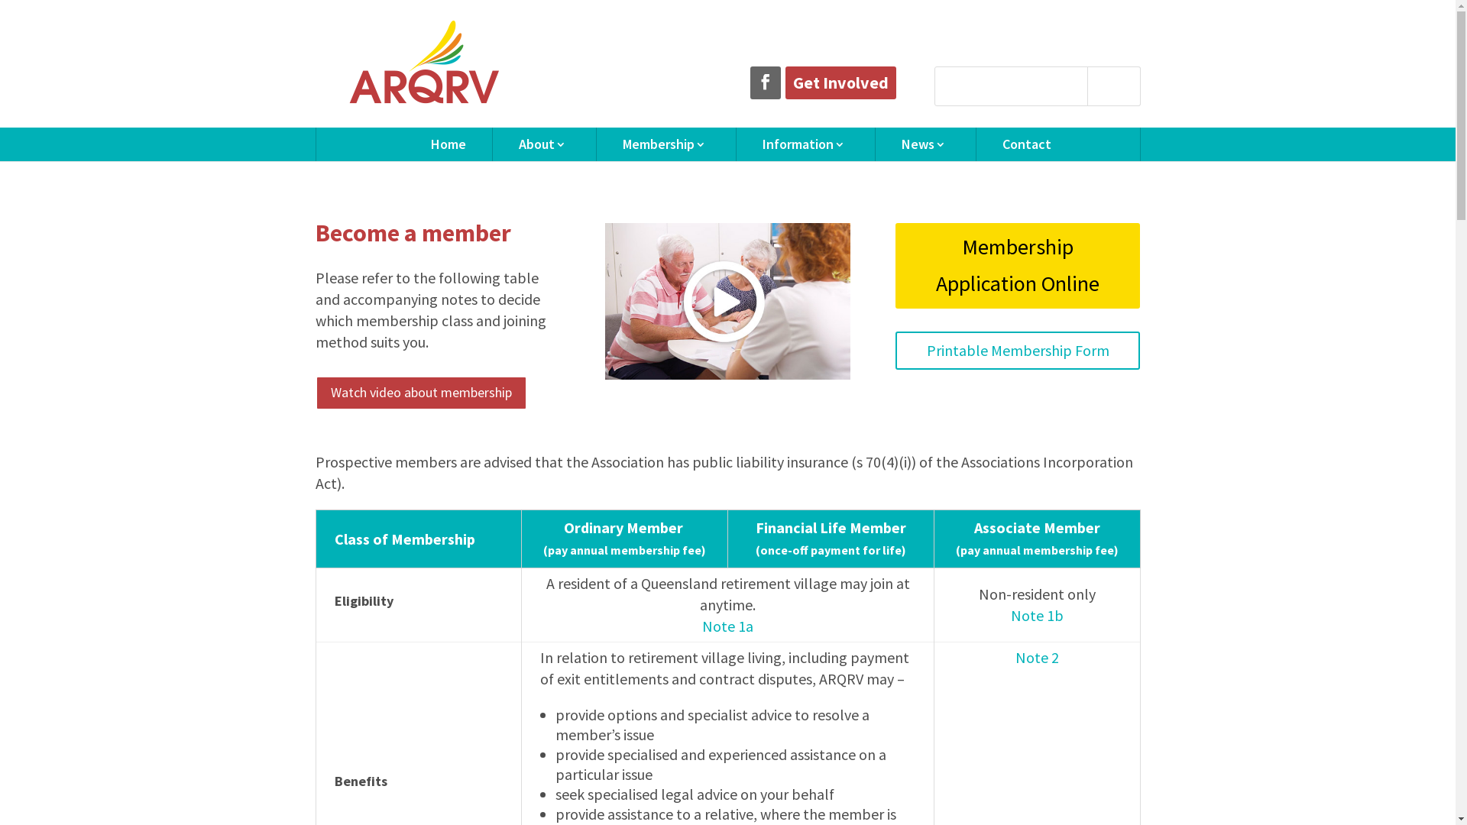 The image size is (1467, 825). What do you see at coordinates (840, 82) in the screenshot?
I see `'Get Involved'` at bounding box center [840, 82].